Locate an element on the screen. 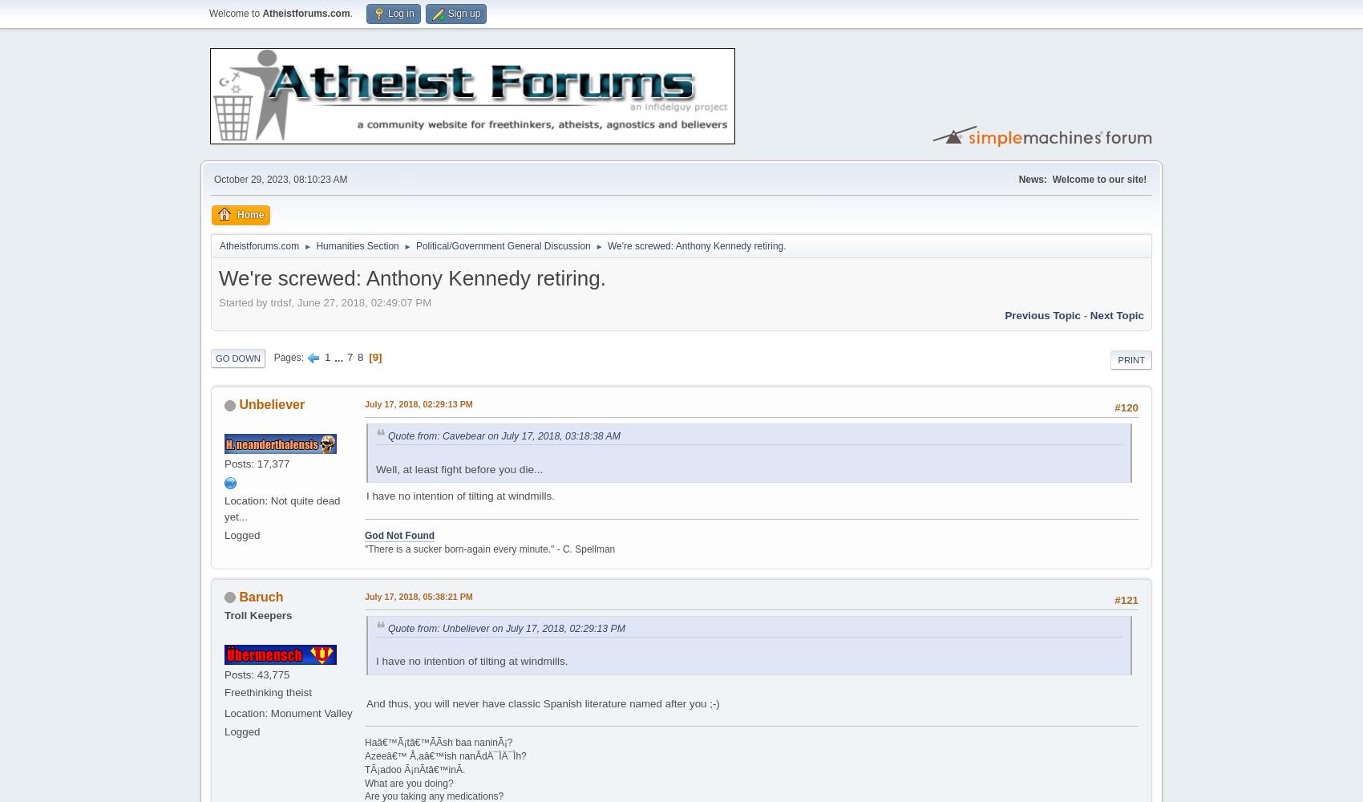  'God Not Found' is located at coordinates (399, 535).